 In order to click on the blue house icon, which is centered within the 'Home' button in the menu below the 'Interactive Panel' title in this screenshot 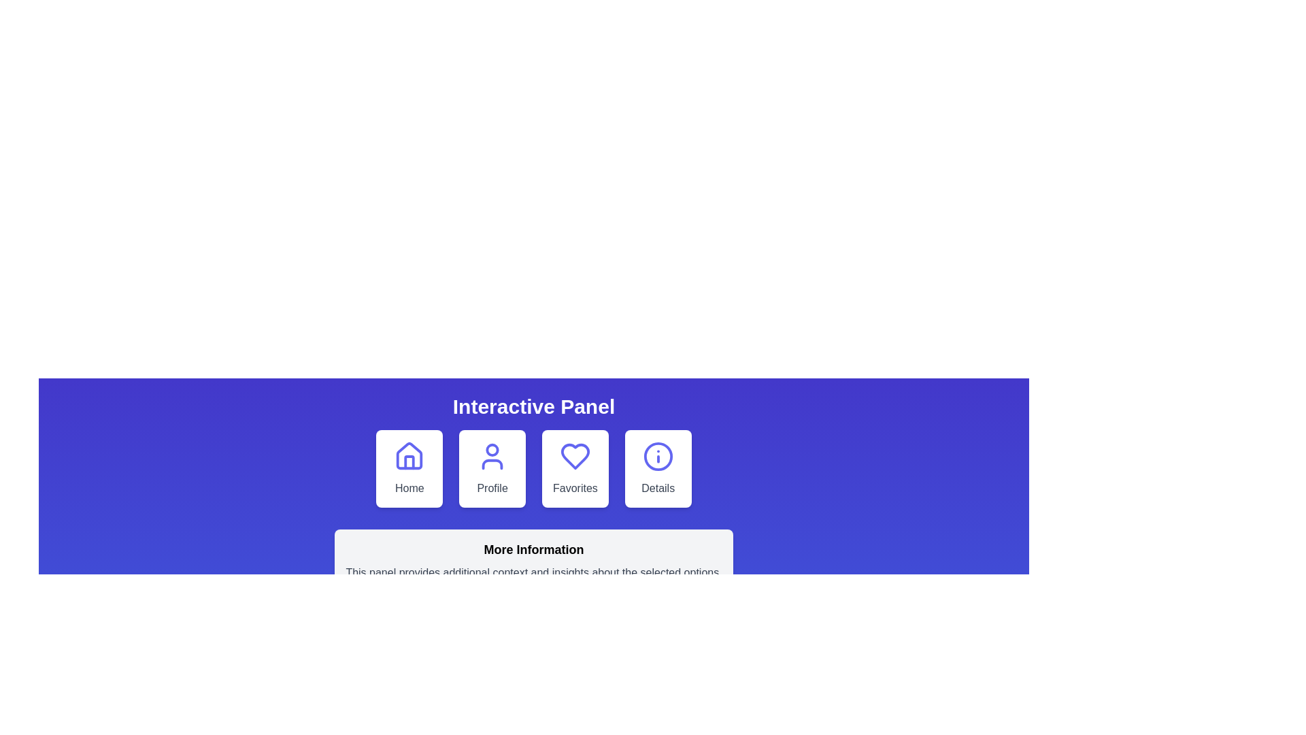, I will do `click(409, 456)`.